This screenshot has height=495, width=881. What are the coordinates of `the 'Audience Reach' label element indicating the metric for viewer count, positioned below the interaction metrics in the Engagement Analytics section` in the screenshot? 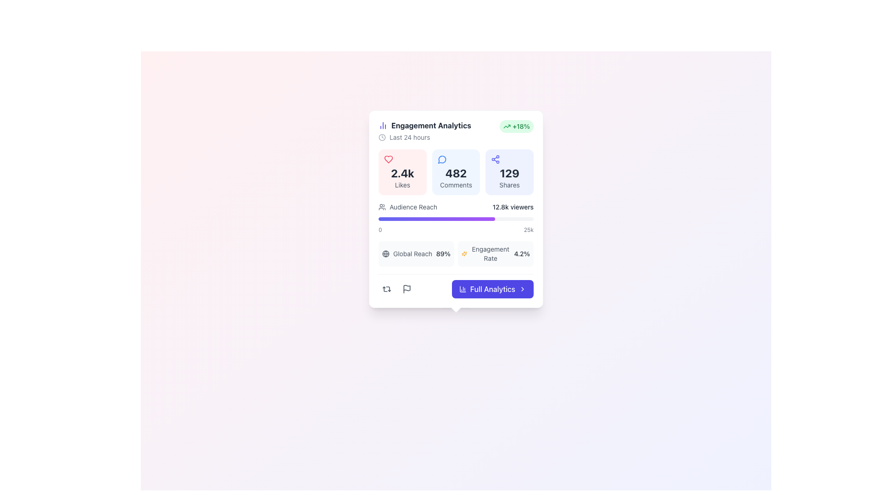 It's located at (407, 207).